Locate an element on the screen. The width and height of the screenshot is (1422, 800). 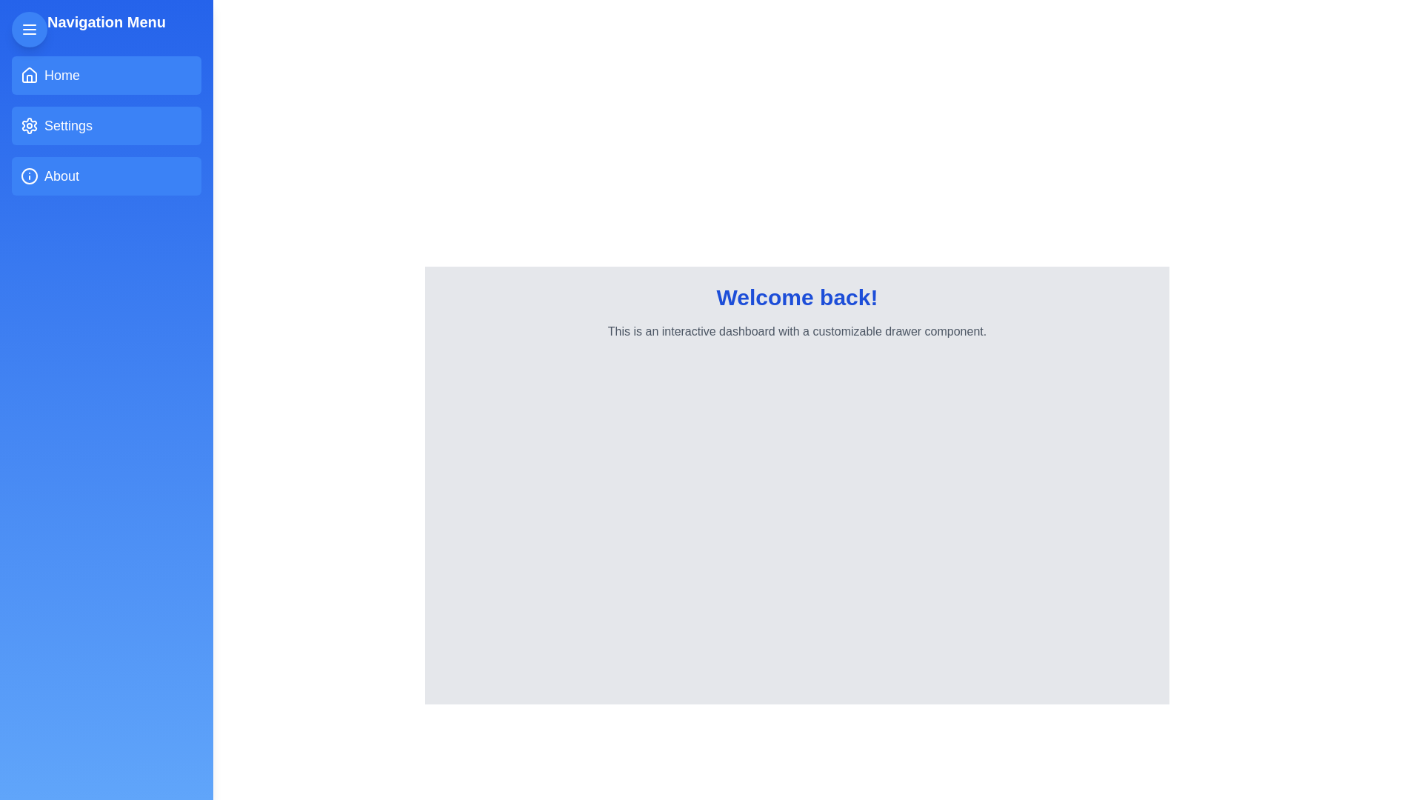
the About item from the navigation menu is located at coordinates (106, 176).